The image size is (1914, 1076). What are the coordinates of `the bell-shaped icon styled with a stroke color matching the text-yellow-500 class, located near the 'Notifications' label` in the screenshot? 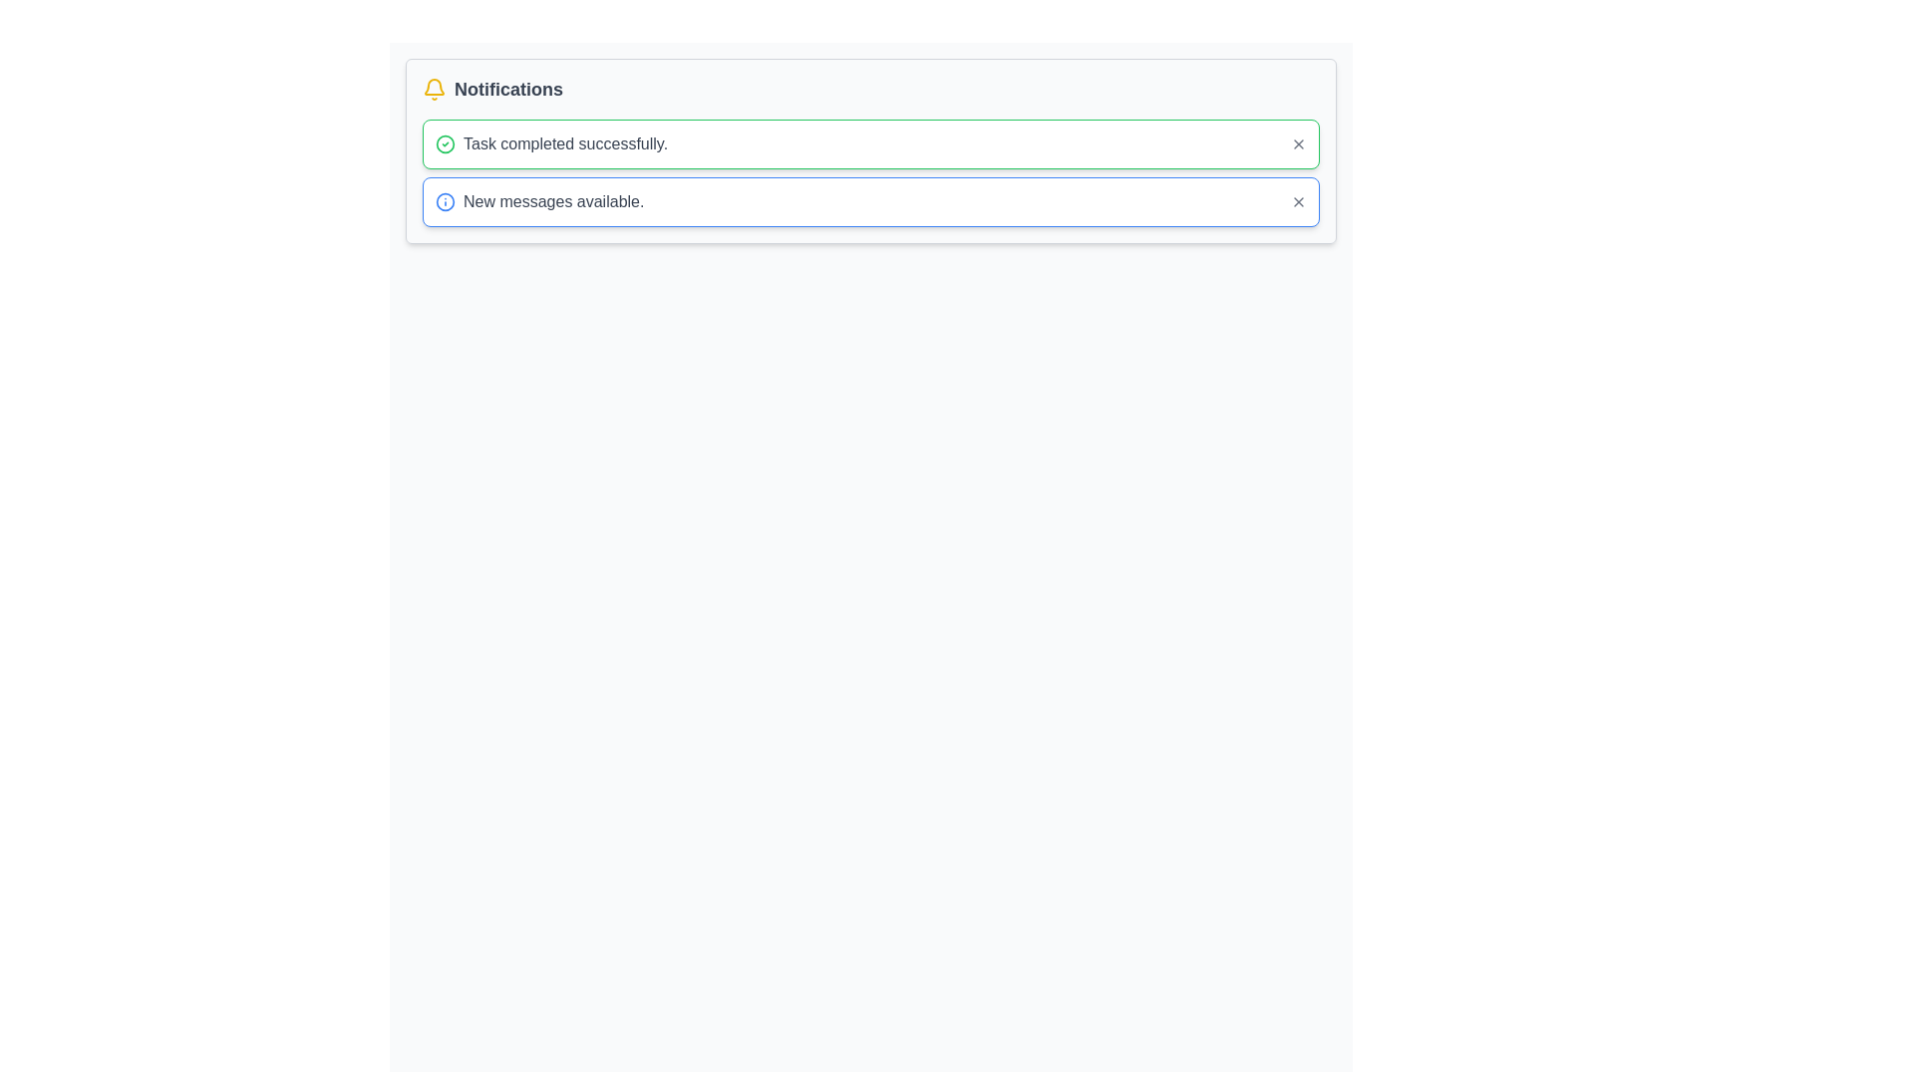 It's located at (434, 86).